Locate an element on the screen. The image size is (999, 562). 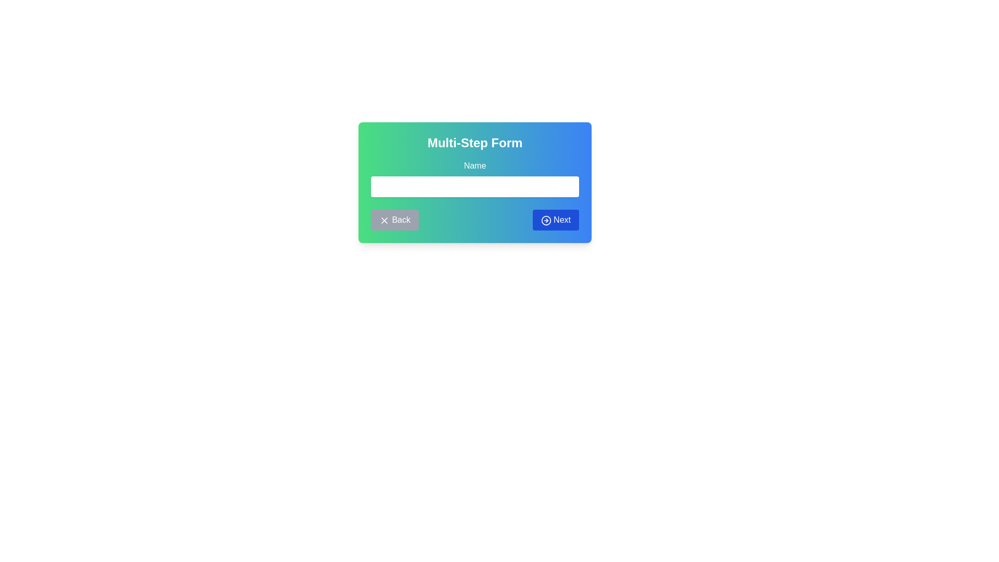
the circular icon located inside the 'Next' button at the bottom-right corner of the form-style interface is located at coordinates (545, 220).